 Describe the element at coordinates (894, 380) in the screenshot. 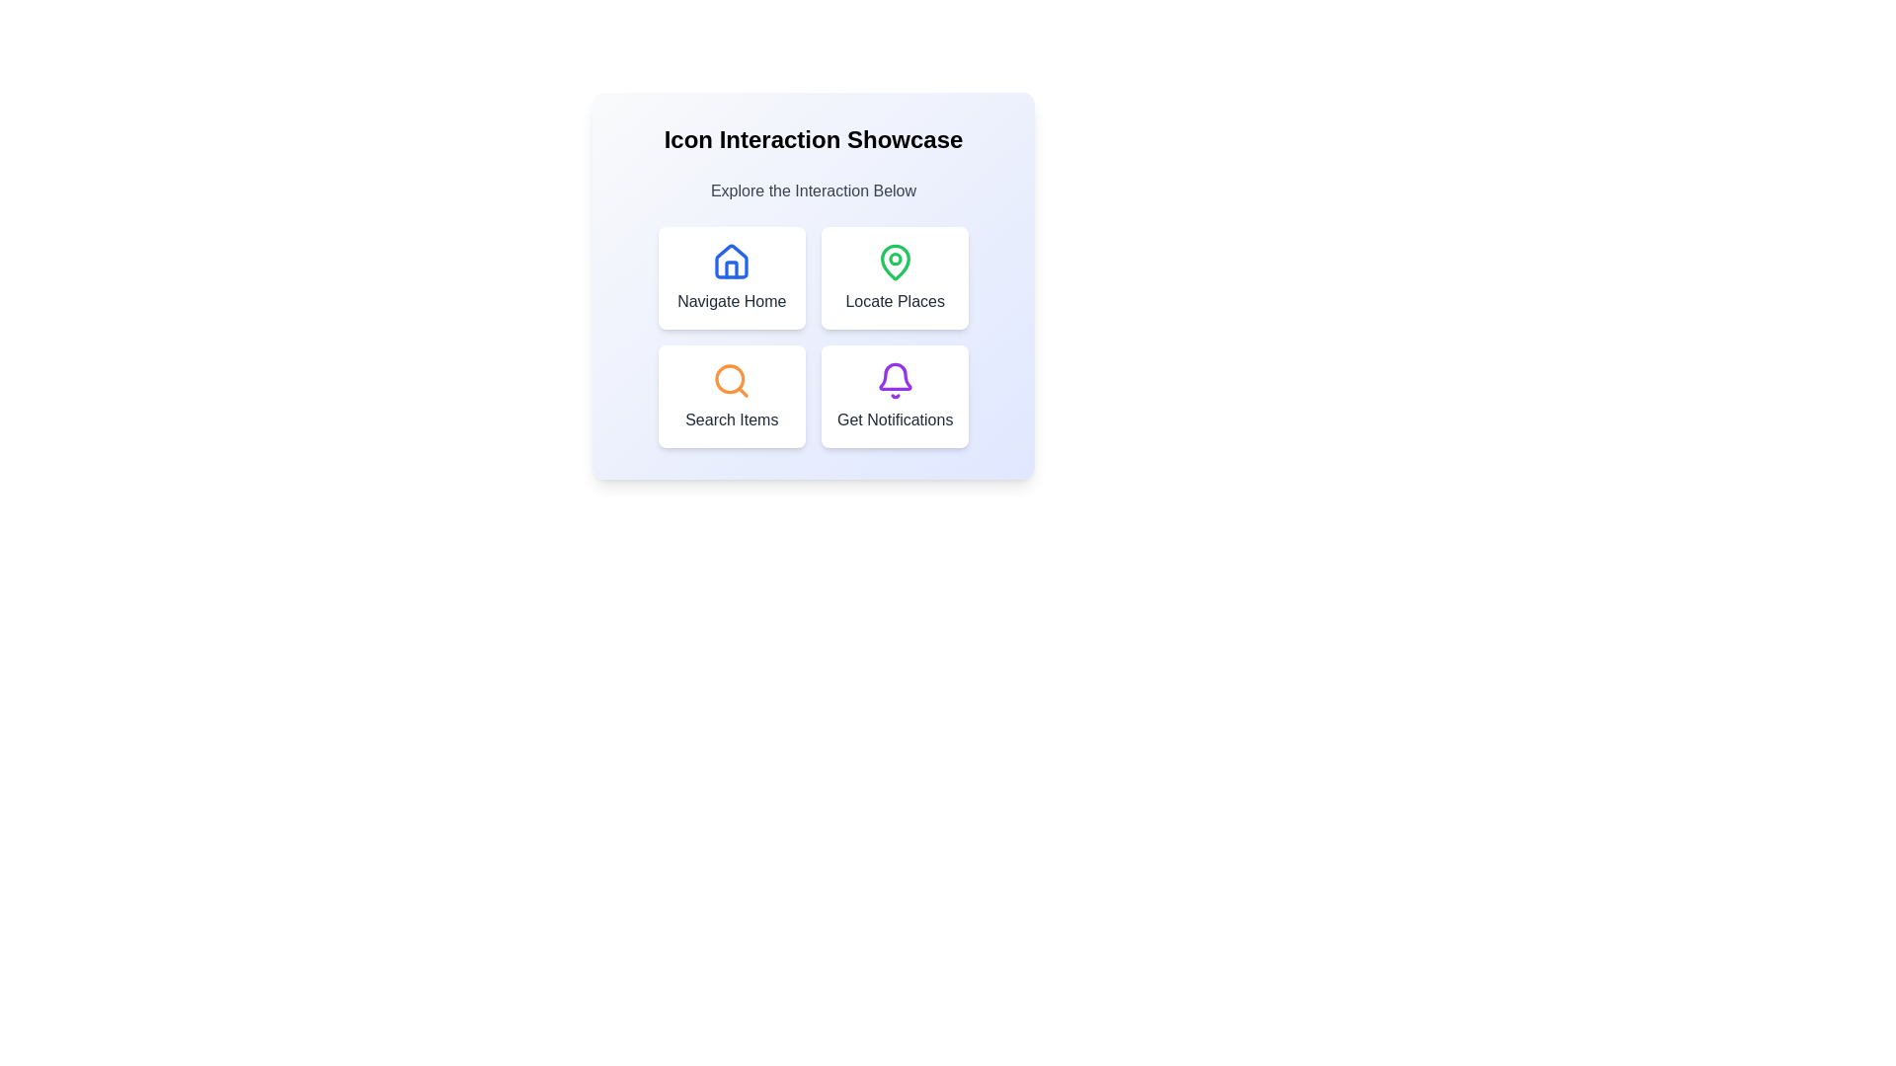

I see `the purple bell icon located at the center-top of the 'Get Notifications' button, which is part of a 2x2 button grid in the interface` at that location.